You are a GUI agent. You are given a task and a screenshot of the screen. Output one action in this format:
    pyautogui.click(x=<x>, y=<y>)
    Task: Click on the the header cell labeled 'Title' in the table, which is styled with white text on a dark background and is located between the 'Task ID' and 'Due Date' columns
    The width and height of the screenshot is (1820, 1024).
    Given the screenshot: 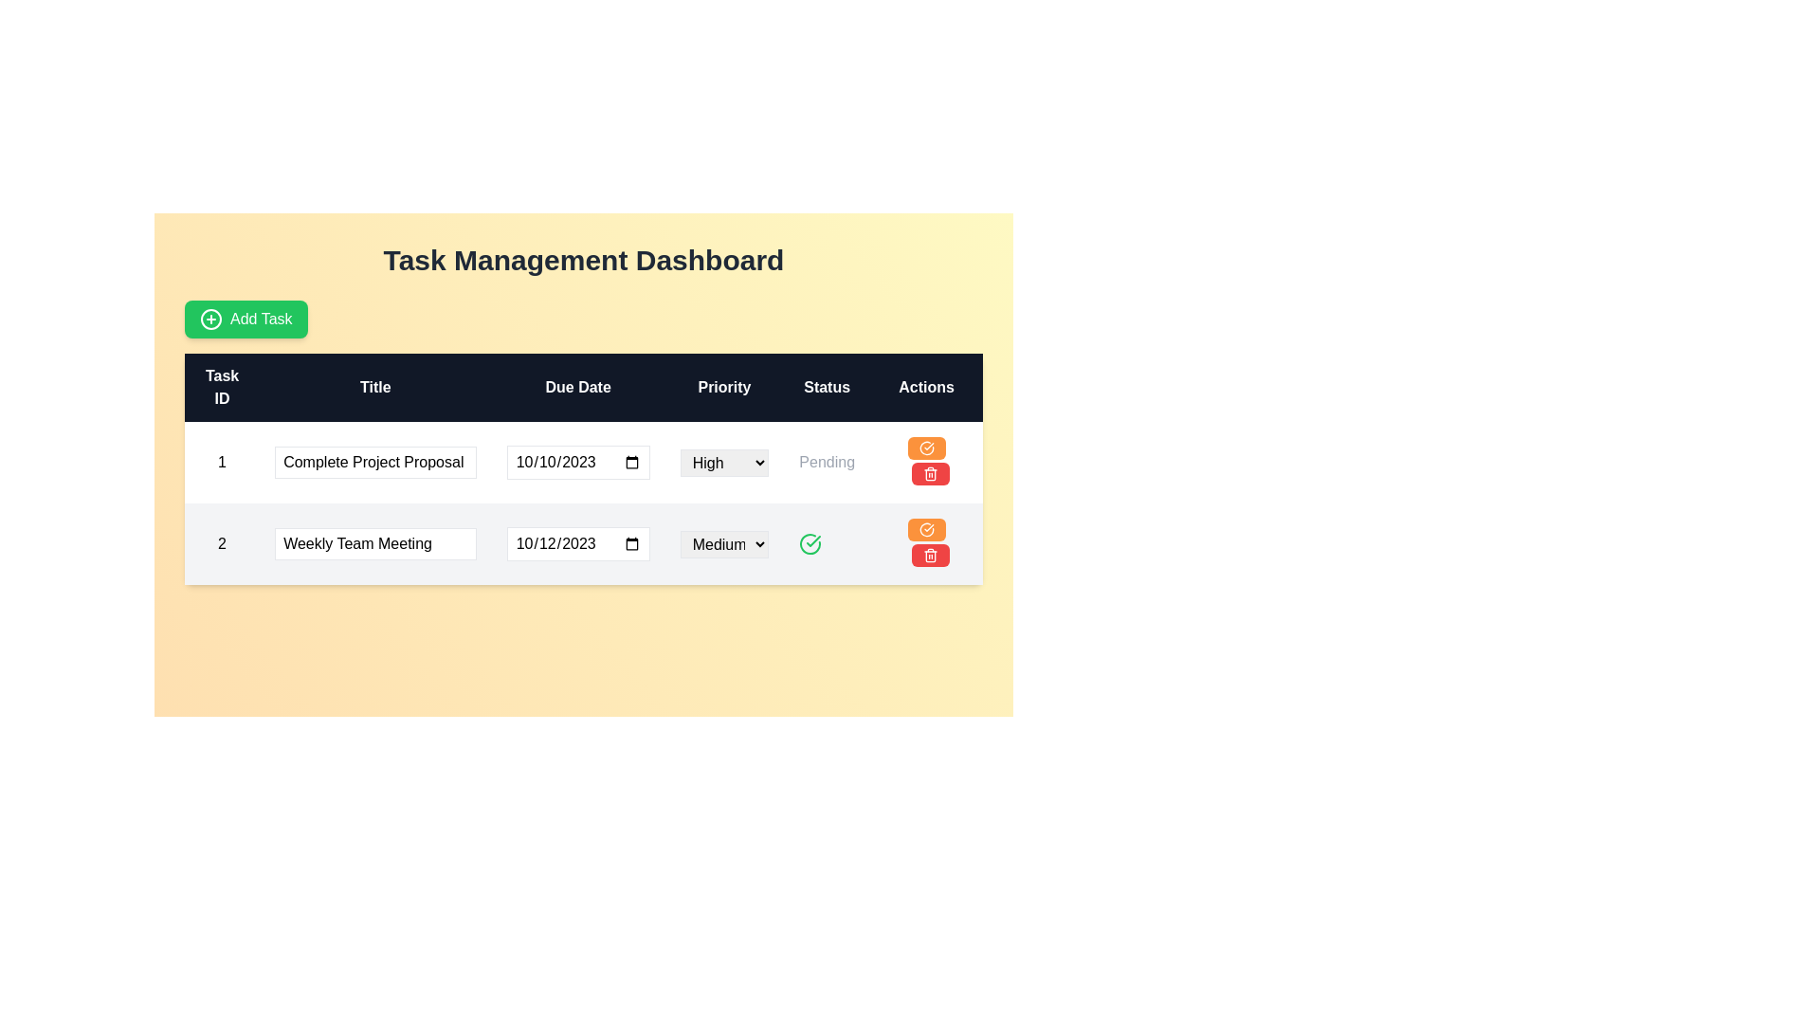 What is the action you would take?
    pyautogui.click(x=375, y=386)
    